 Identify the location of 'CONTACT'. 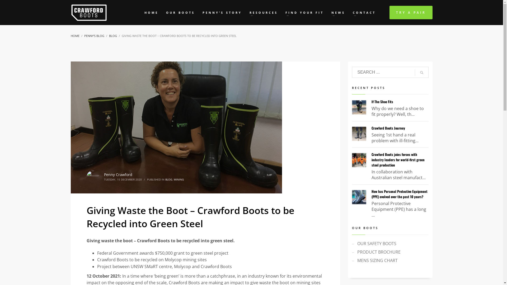
(364, 12).